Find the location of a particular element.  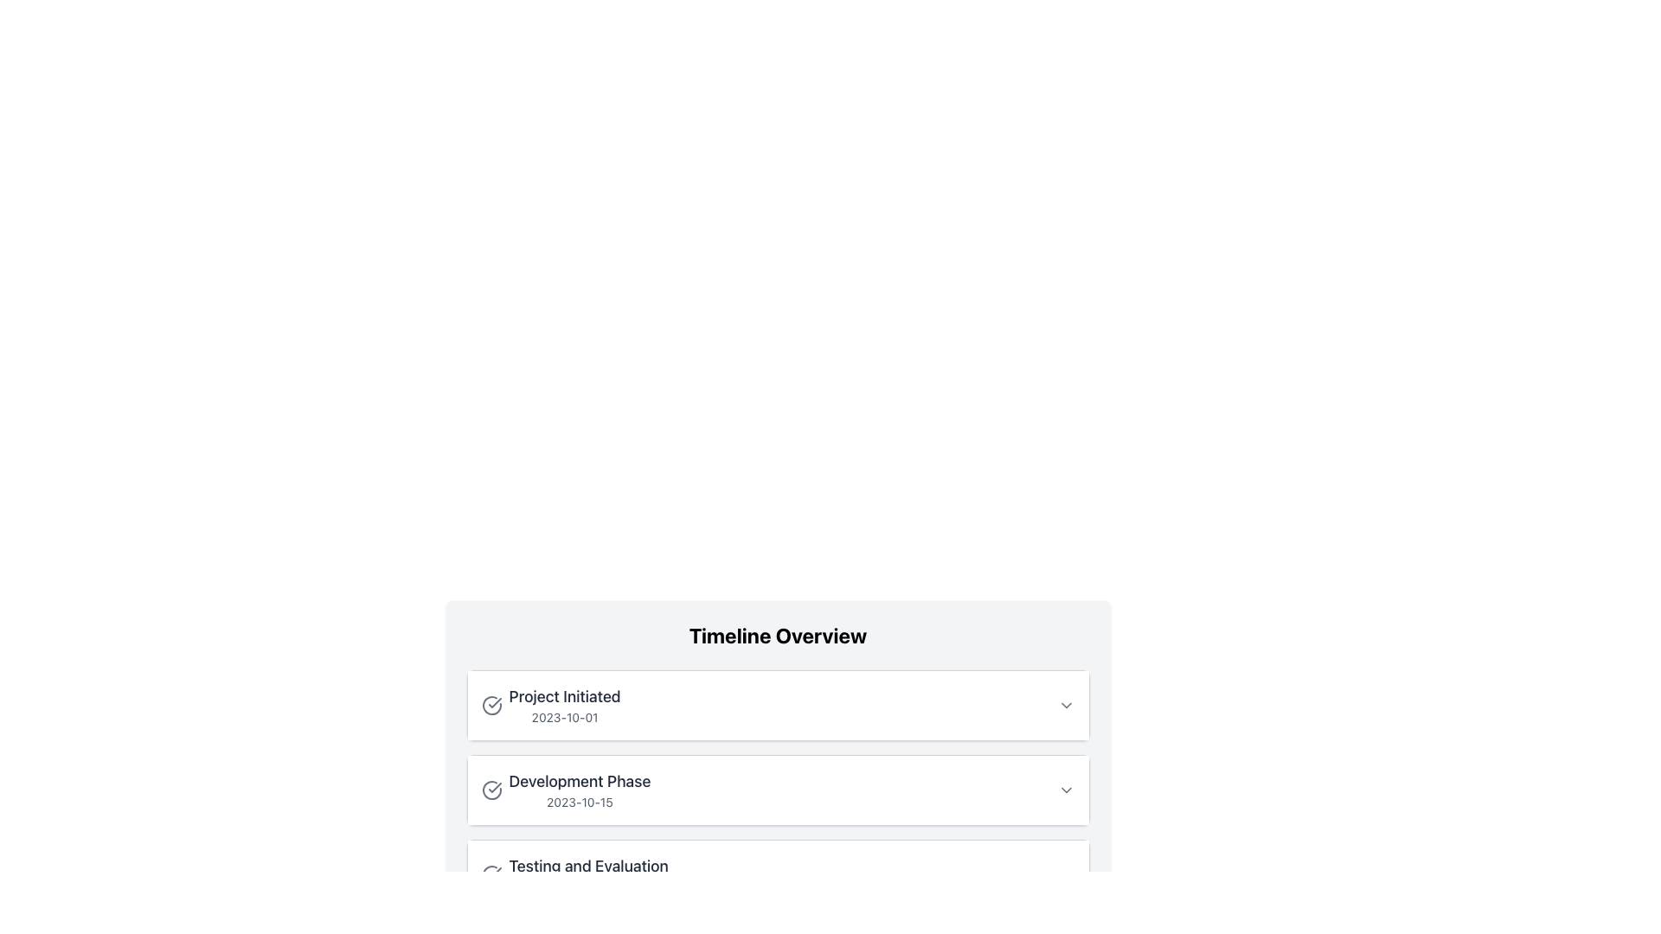

the 'Development Phase' interactive text list item is located at coordinates (777, 790).